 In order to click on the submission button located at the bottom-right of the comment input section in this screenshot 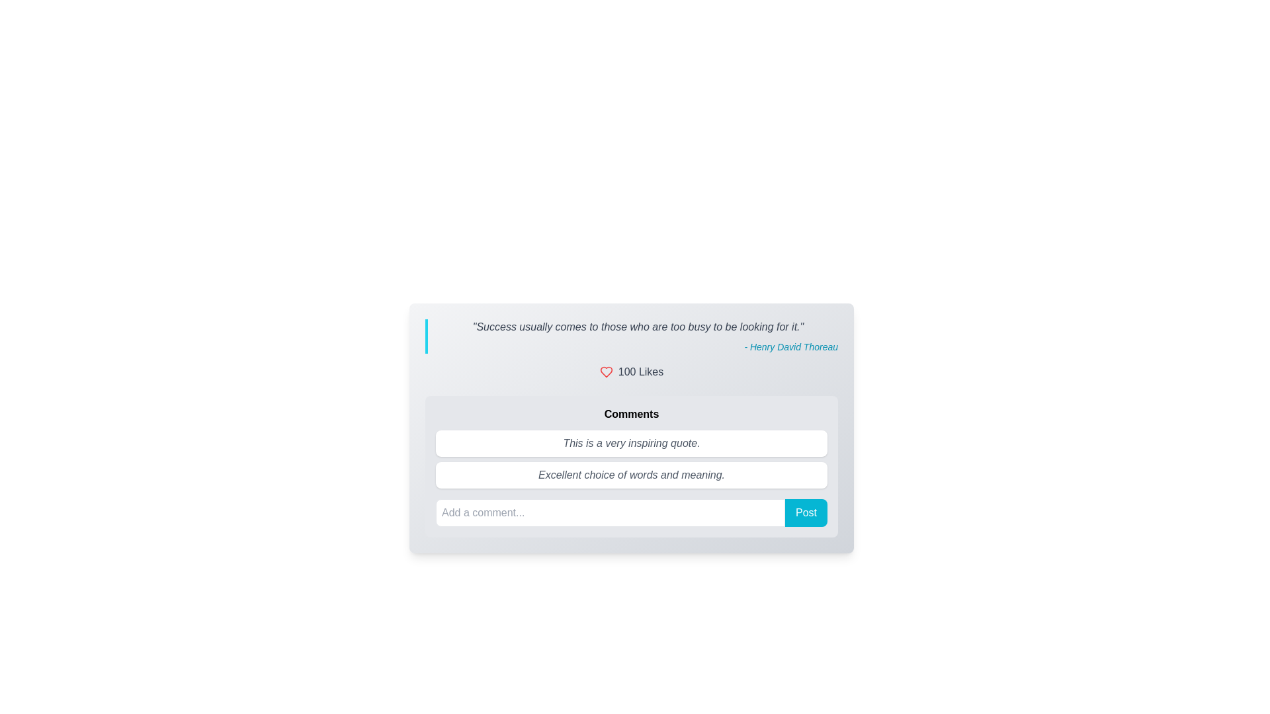, I will do `click(806, 512)`.